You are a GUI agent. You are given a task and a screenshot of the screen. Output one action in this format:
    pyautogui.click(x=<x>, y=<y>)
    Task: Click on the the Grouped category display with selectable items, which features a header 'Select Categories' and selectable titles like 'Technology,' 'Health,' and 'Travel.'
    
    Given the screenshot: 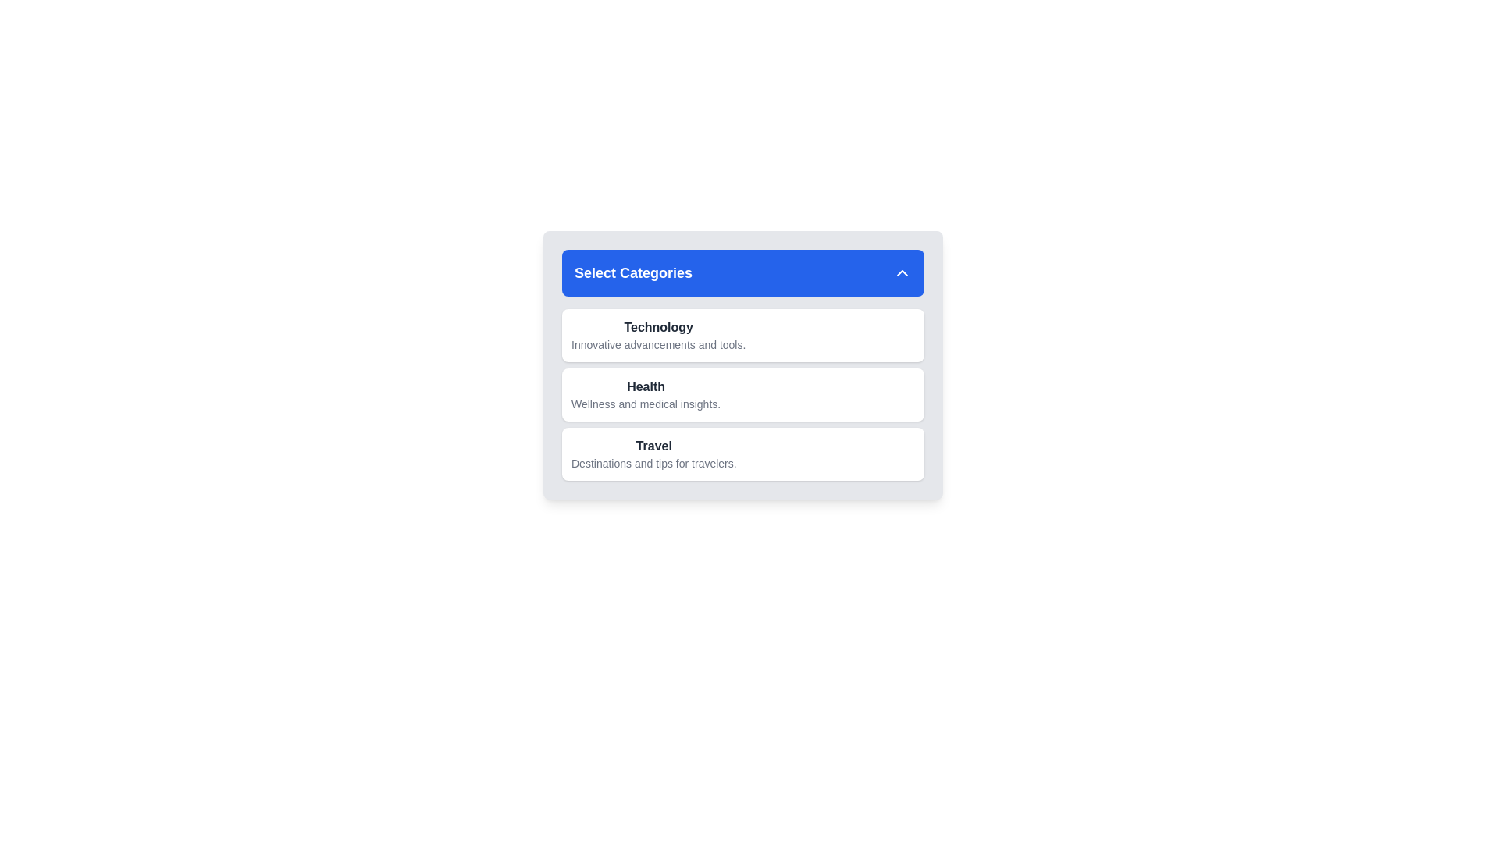 What is the action you would take?
    pyautogui.click(x=742, y=365)
    